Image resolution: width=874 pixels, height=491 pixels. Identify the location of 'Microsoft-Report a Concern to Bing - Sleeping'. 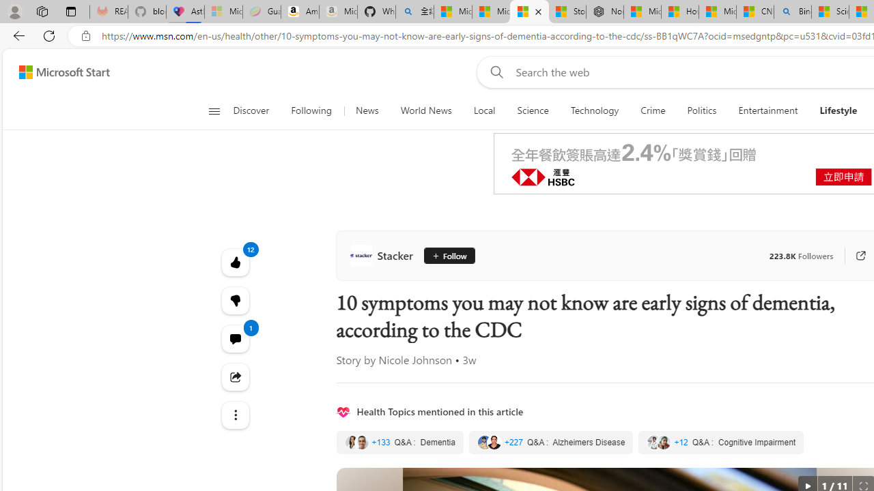
(223, 12).